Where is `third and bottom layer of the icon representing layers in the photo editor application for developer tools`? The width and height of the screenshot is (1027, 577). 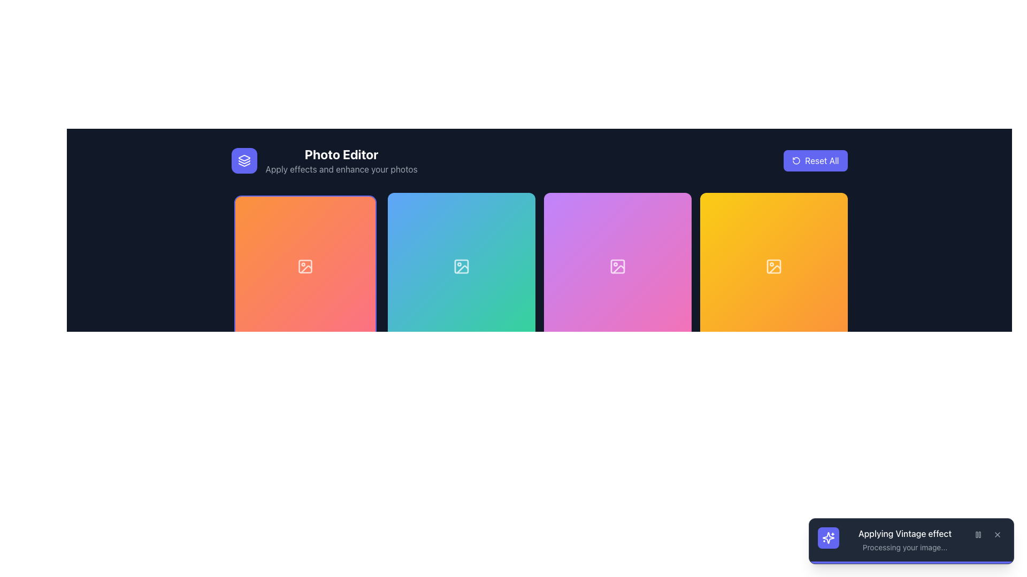 third and bottom layer of the icon representing layers in the photo editor application for developer tools is located at coordinates (243, 165).